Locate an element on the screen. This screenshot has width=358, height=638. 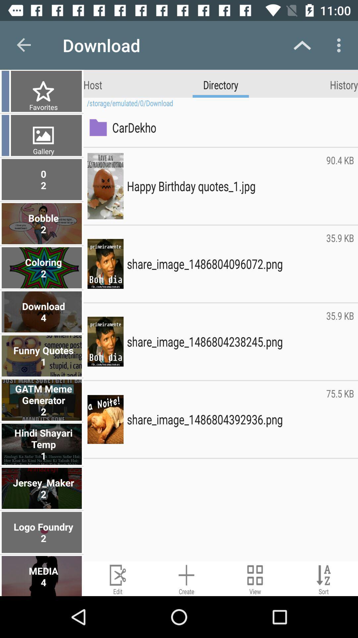
the icon next to 90.4 kb is located at coordinates (224, 186).